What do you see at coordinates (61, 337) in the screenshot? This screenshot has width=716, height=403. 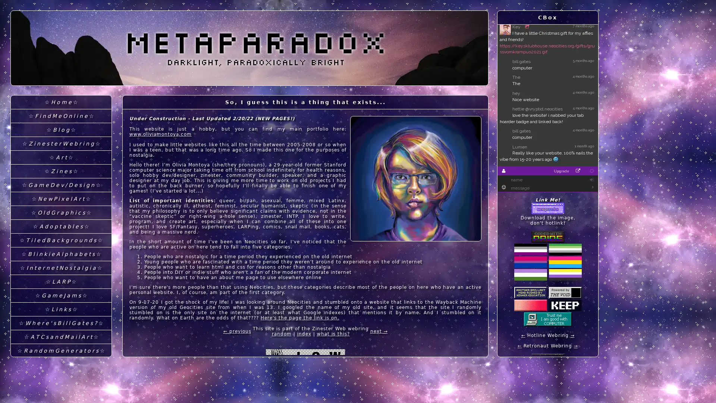 I see `A T C s a n d M a i l A r t` at bounding box center [61, 337].